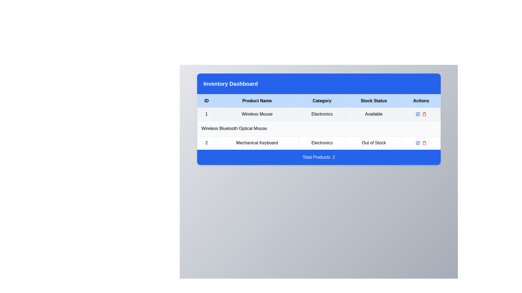  What do you see at coordinates (319, 101) in the screenshot?
I see `column names displayed in the header row of the table, which categorizes the data in the subsequent rows` at bounding box center [319, 101].